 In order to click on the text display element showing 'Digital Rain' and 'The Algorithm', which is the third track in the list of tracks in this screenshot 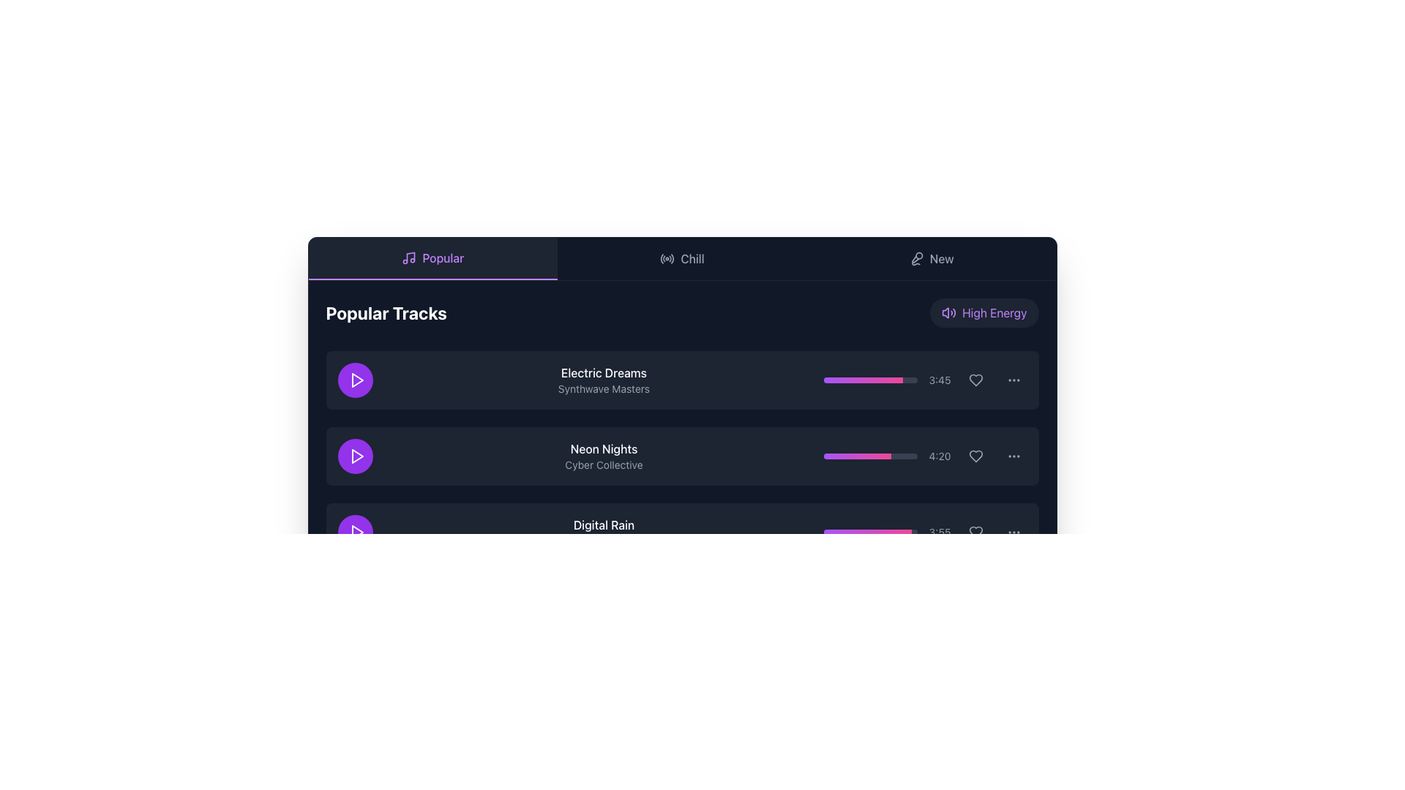, I will do `click(604, 533)`.